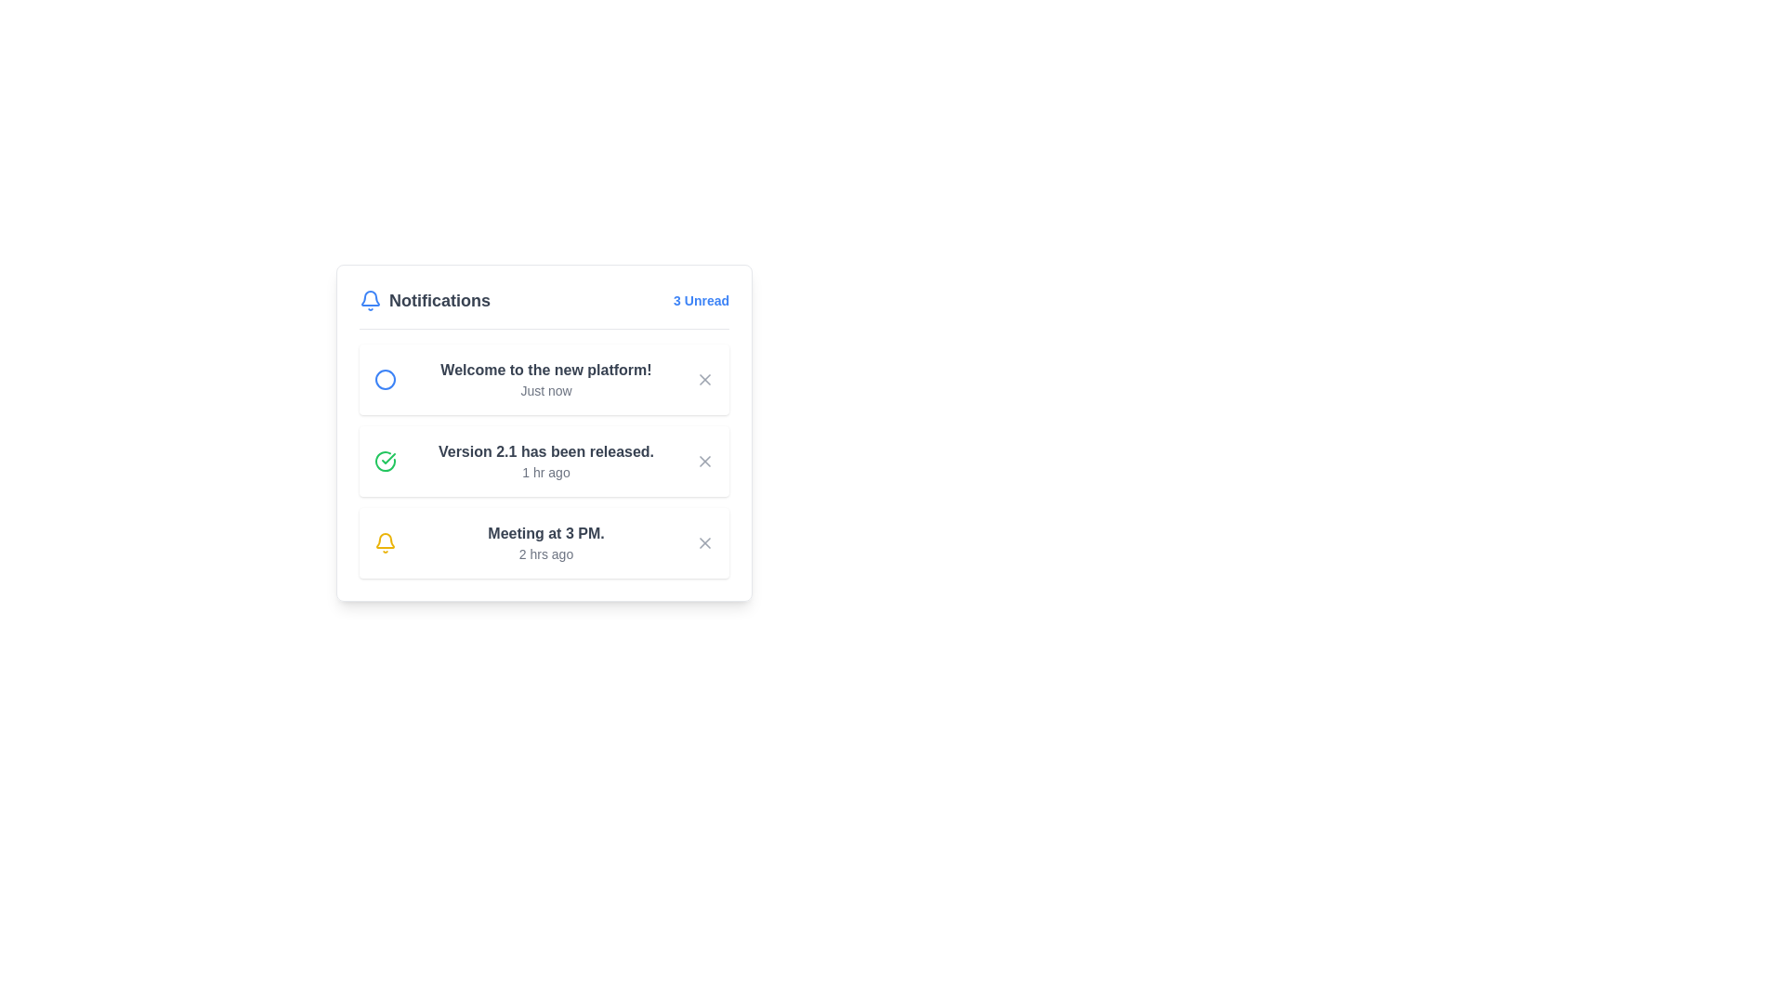  What do you see at coordinates (387, 458) in the screenshot?
I see `the green circular checkmark icon indicating the success status of the notification for 'Version 2.1 has been released.'` at bounding box center [387, 458].